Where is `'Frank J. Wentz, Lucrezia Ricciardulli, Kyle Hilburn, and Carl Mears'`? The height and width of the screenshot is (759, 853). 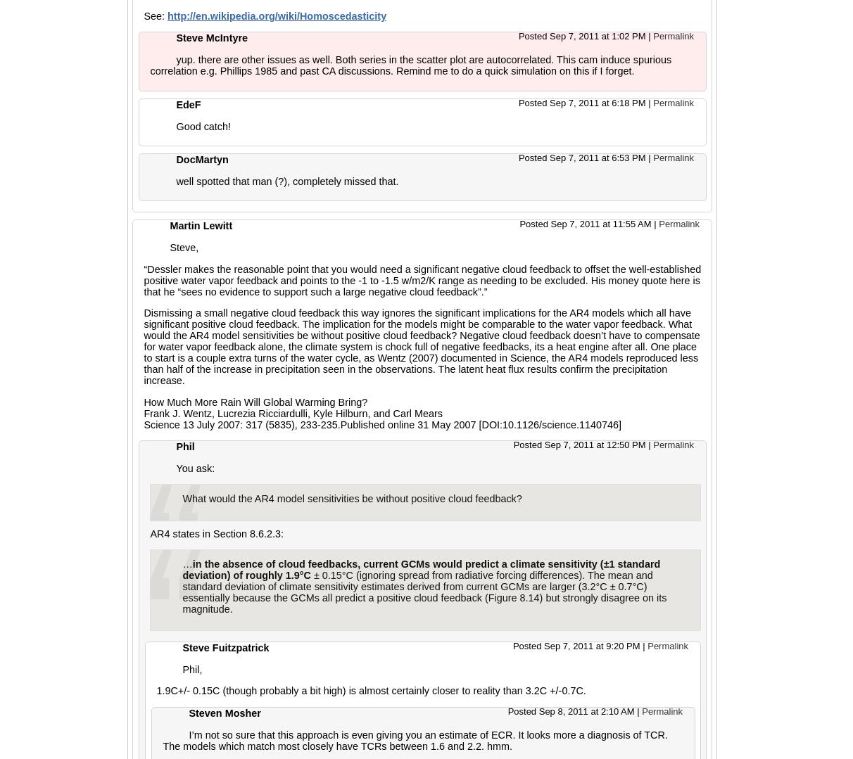 'Frank J. Wentz, Lucrezia Ricciardulli, Kyle Hilburn, and Carl Mears' is located at coordinates (292, 412).